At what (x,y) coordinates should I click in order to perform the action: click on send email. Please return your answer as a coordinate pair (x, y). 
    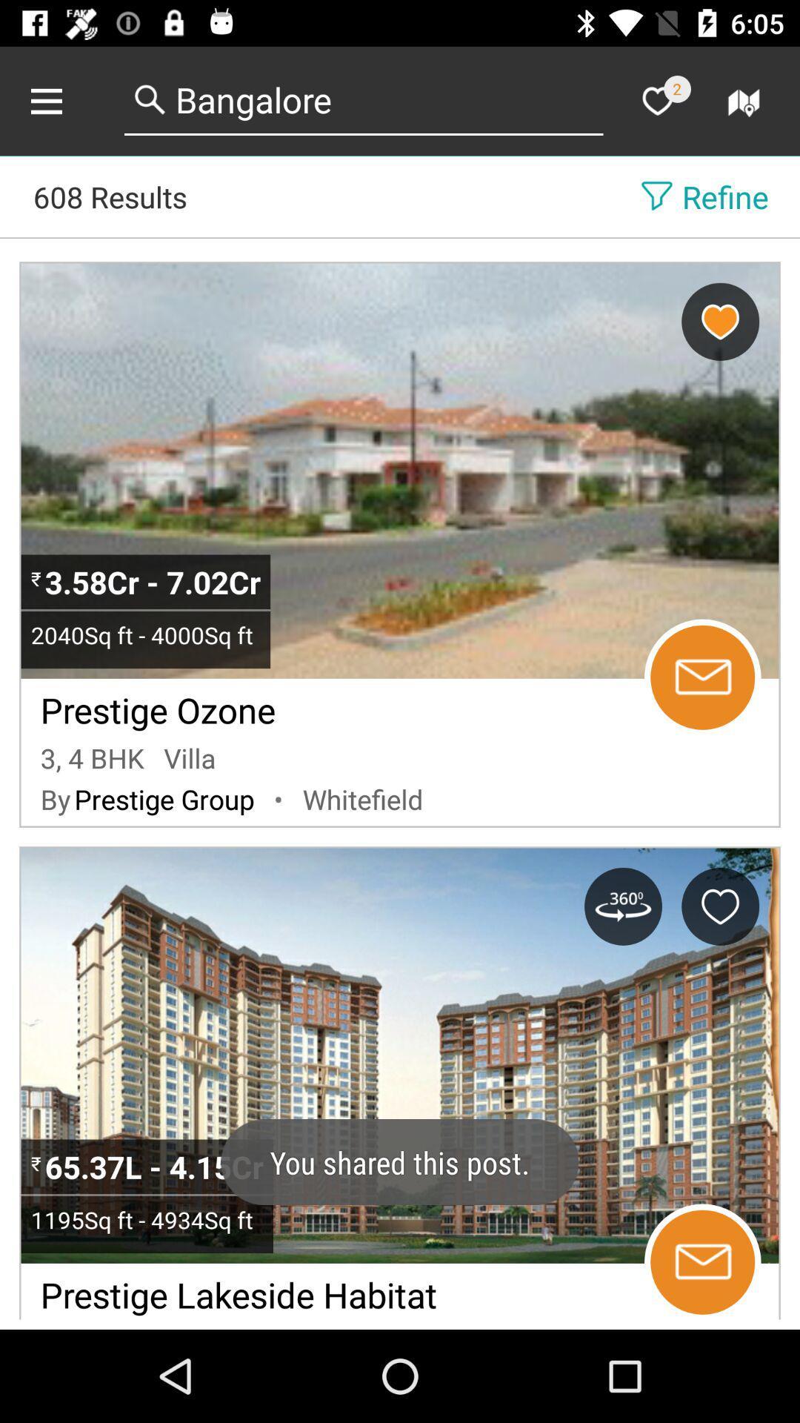
    Looking at the image, I should click on (701, 677).